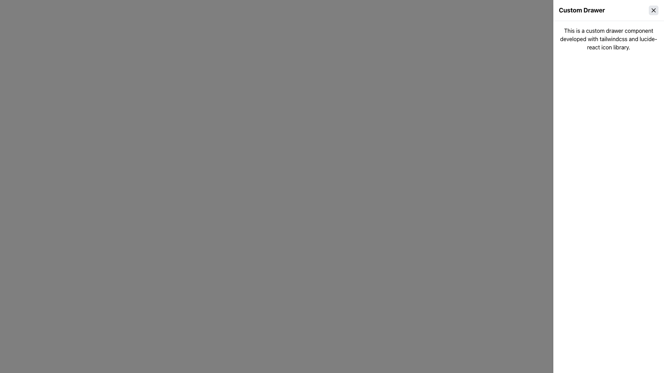 Image resolution: width=664 pixels, height=373 pixels. Describe the element at coordinates (581, 10) in the screenshot. I see `the bold heading text 'Custom Drawer' located at the top-right section of the interface` at that location.